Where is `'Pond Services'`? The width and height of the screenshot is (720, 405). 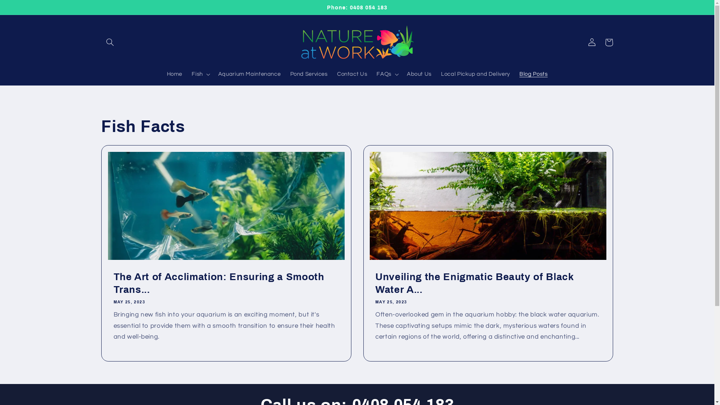 'Pond Services' is located at coordinates (309, 74).